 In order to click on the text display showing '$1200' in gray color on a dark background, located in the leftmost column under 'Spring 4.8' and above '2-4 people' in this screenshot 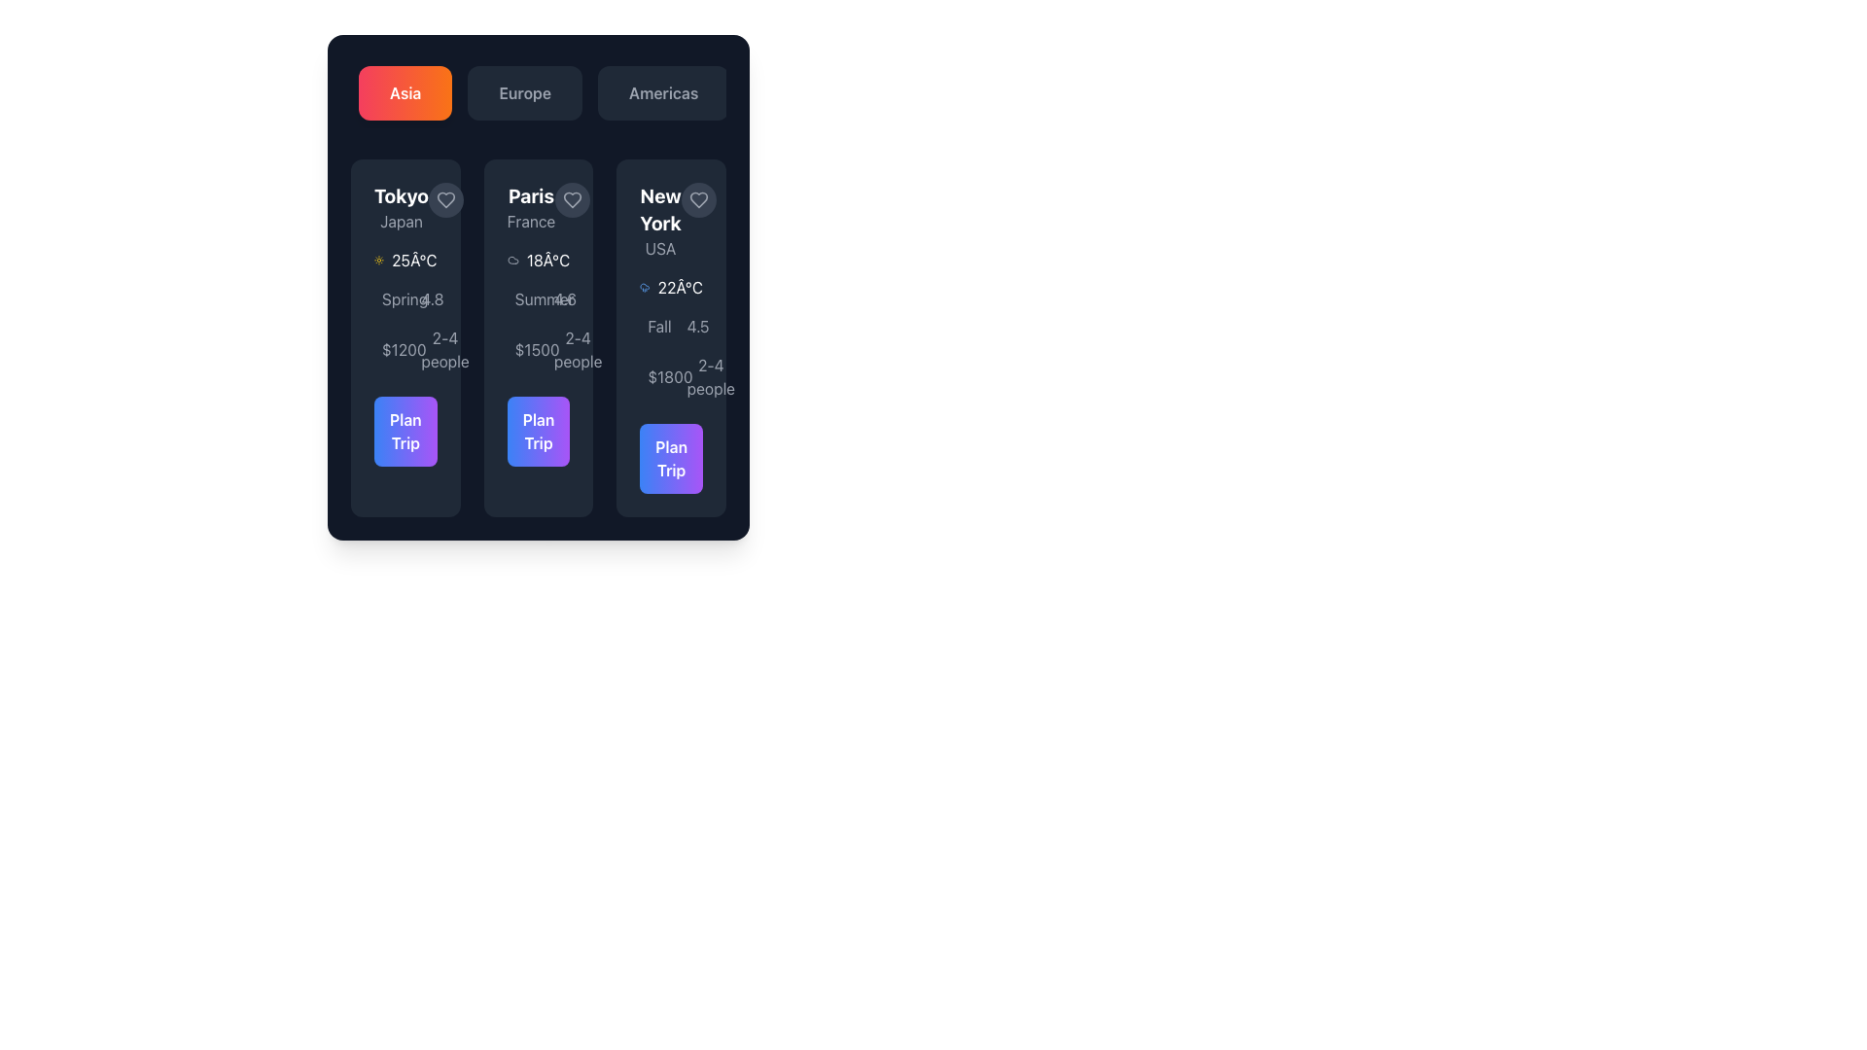, I will do `click(386, 348)`.